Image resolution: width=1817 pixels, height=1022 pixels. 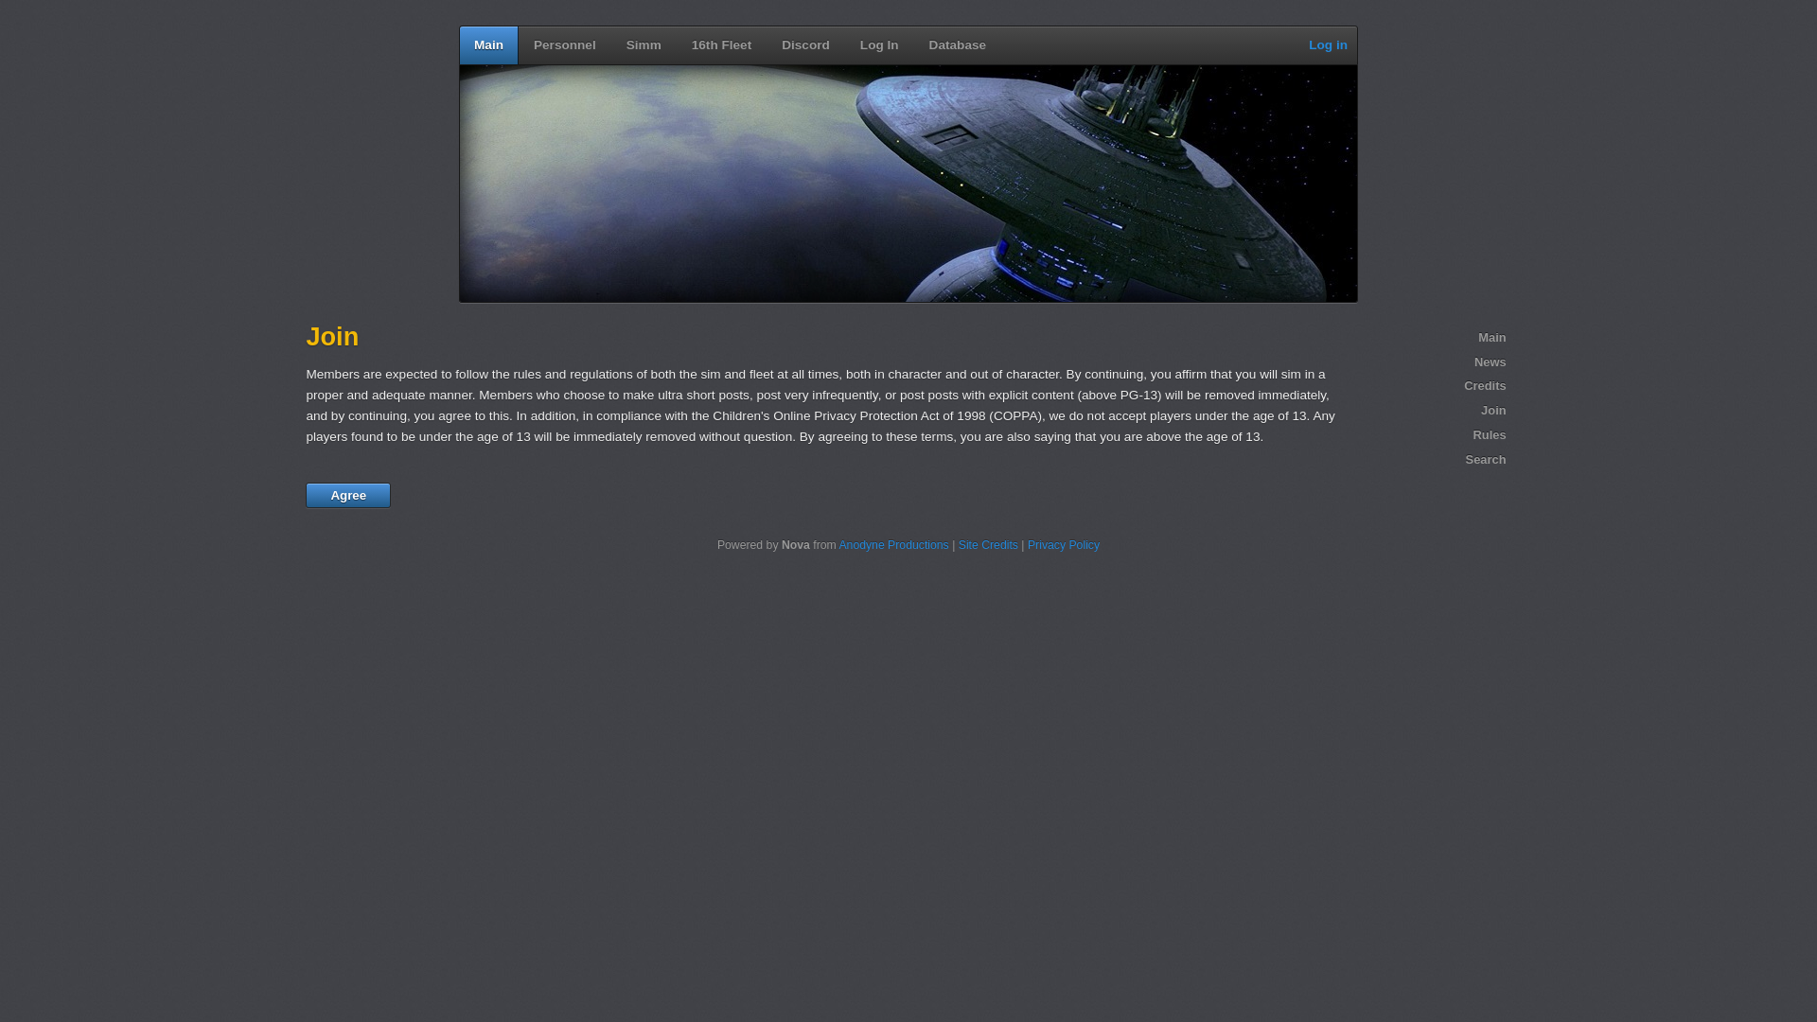 What do you see at coordinates (1435, 434) in the screenshot?
I see `'Rules'` at bounding box center [1435, 434].